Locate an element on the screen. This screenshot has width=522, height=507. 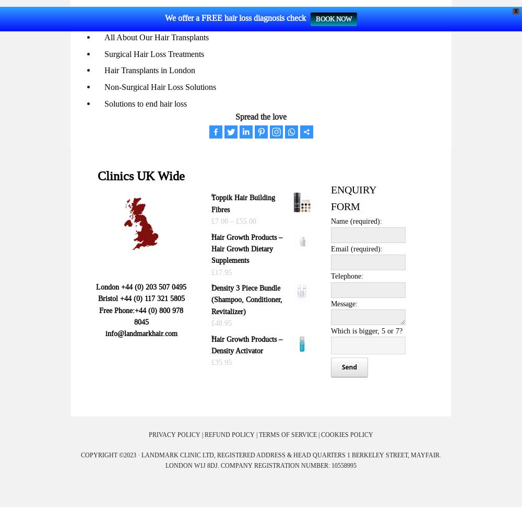
'Toppik Hair Building Fibres' is located at coordinates (242, 203).